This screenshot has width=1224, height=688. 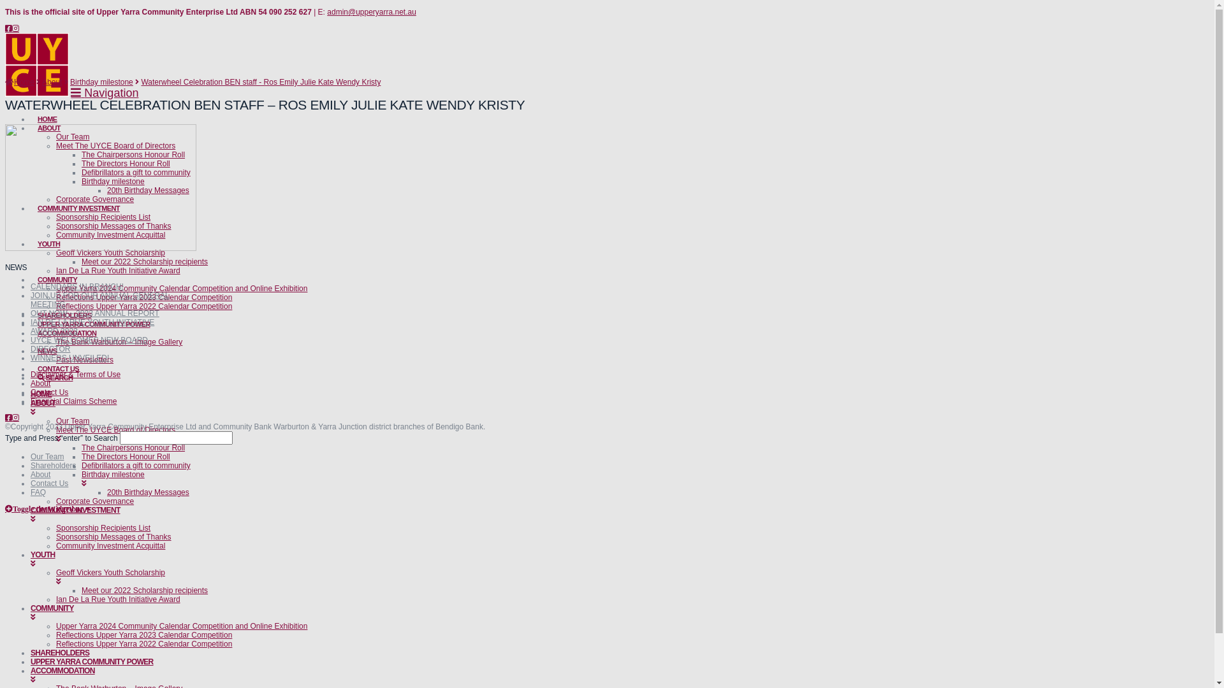 What do you see at coordinates (8, 29) in the screenshot?
I see `'Facebook'` at bounding box center [8, 29].